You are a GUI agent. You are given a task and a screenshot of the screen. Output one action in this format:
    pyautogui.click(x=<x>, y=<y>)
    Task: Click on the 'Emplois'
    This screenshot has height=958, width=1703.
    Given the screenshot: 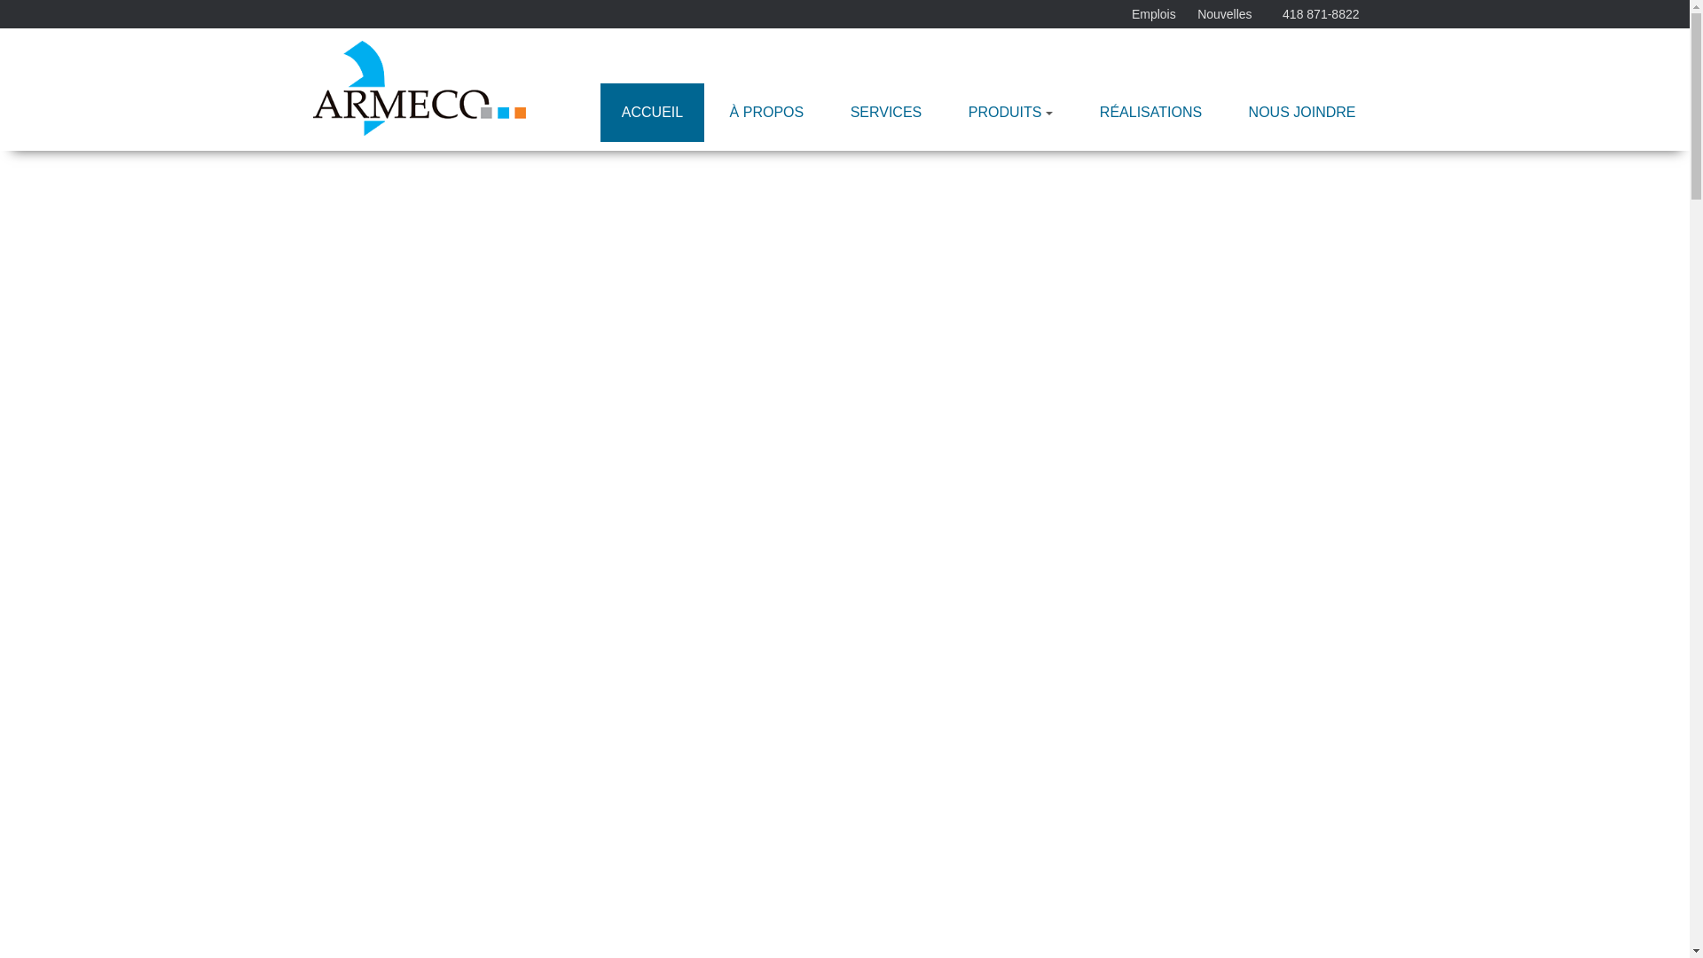 What is the action you would take?
    pyautogui.click(x=1153, y=13)
    